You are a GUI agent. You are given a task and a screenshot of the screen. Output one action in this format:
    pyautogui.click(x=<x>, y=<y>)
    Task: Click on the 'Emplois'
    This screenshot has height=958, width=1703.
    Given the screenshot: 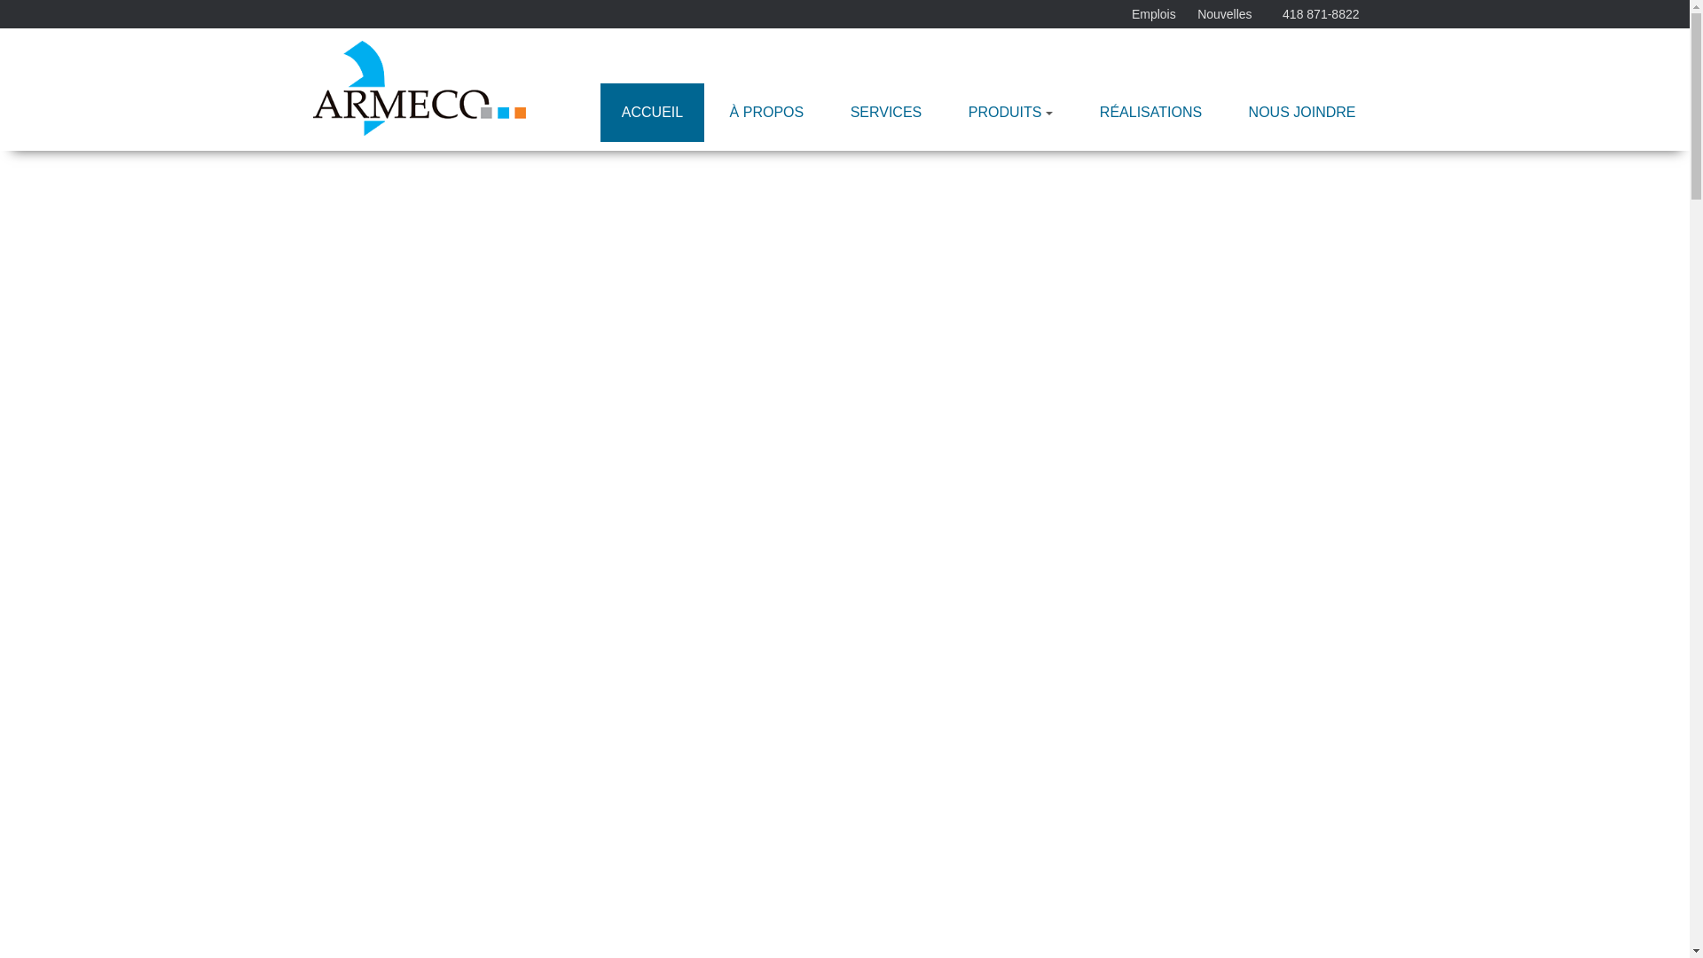 What is the action you would take?
    pyautogui.click(x=1153, y=13)
    